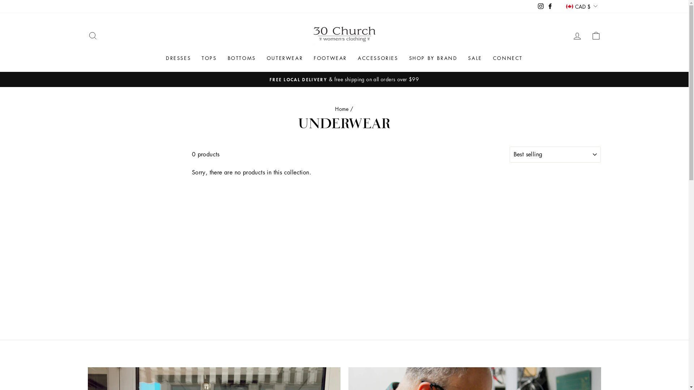  I want to click on 'Instagram', so click(541, 6).